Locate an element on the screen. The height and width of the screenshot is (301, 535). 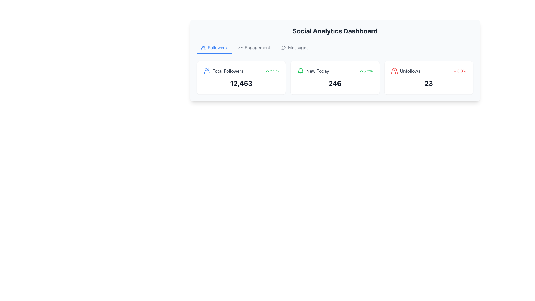
percentage value '5.2%' displayed in green text with an upward arrow icon in the 'New Today' section of the dashboard, indicating a positive trend is located at coordinates (366, 71).